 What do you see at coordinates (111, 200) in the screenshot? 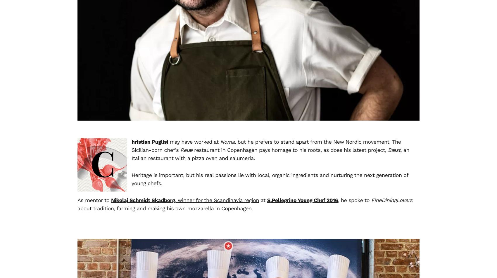
I see `'Nikolaj Schmidt Skadborg'` at bounding box center [111, 200].